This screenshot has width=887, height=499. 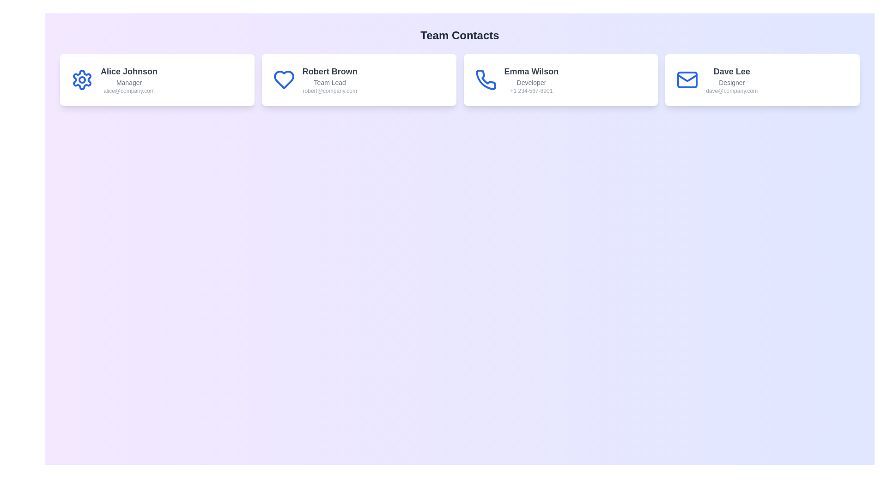 What do you see at coordinates (531, 91) in the screenshot?
I see `the phone number text label displayed in gray color, located below the 'Developer' text within the 'Emma Wilson' contact card` at bounding box center [531, 91].